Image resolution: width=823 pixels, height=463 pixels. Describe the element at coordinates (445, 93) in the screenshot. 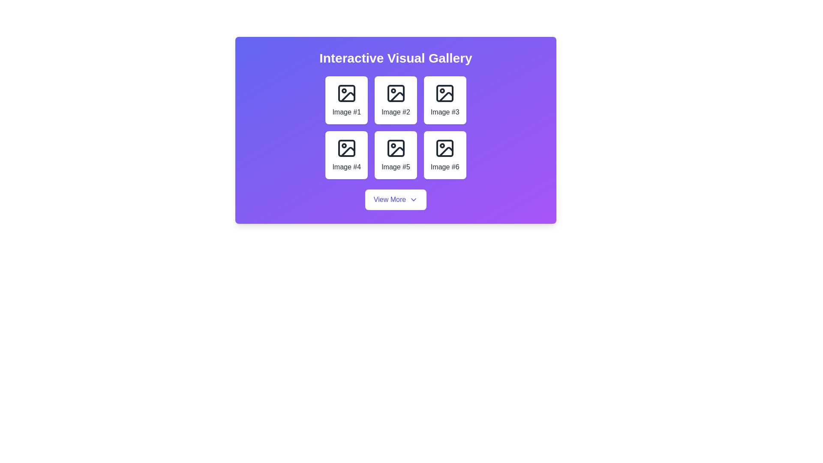

I see `the Image placeholder icon located in the third slot of the 3x2 grid under the heading 'Interactive Visual Gallery'` at that location.